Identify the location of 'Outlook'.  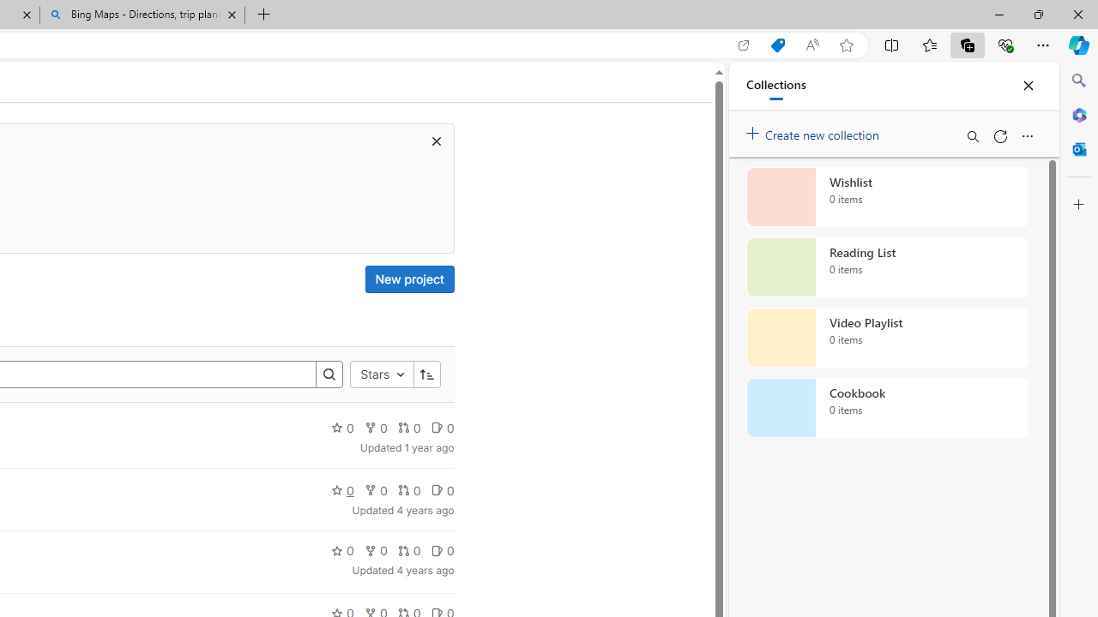
(1078, 148).